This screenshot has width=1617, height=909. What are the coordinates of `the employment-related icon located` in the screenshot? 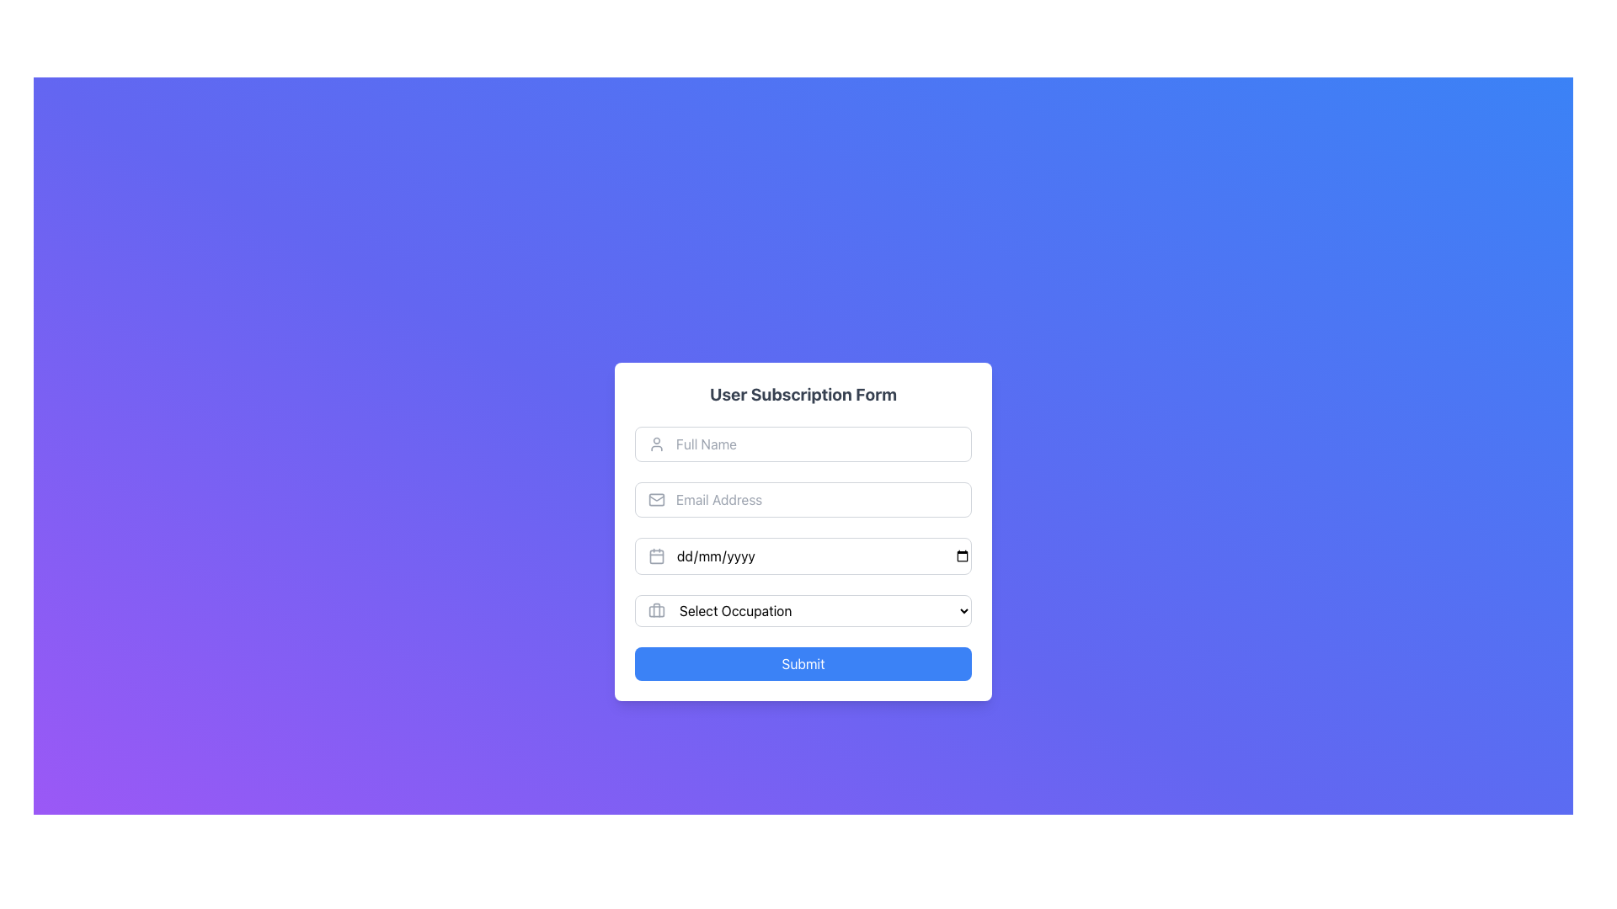 It's located at (655, 610).